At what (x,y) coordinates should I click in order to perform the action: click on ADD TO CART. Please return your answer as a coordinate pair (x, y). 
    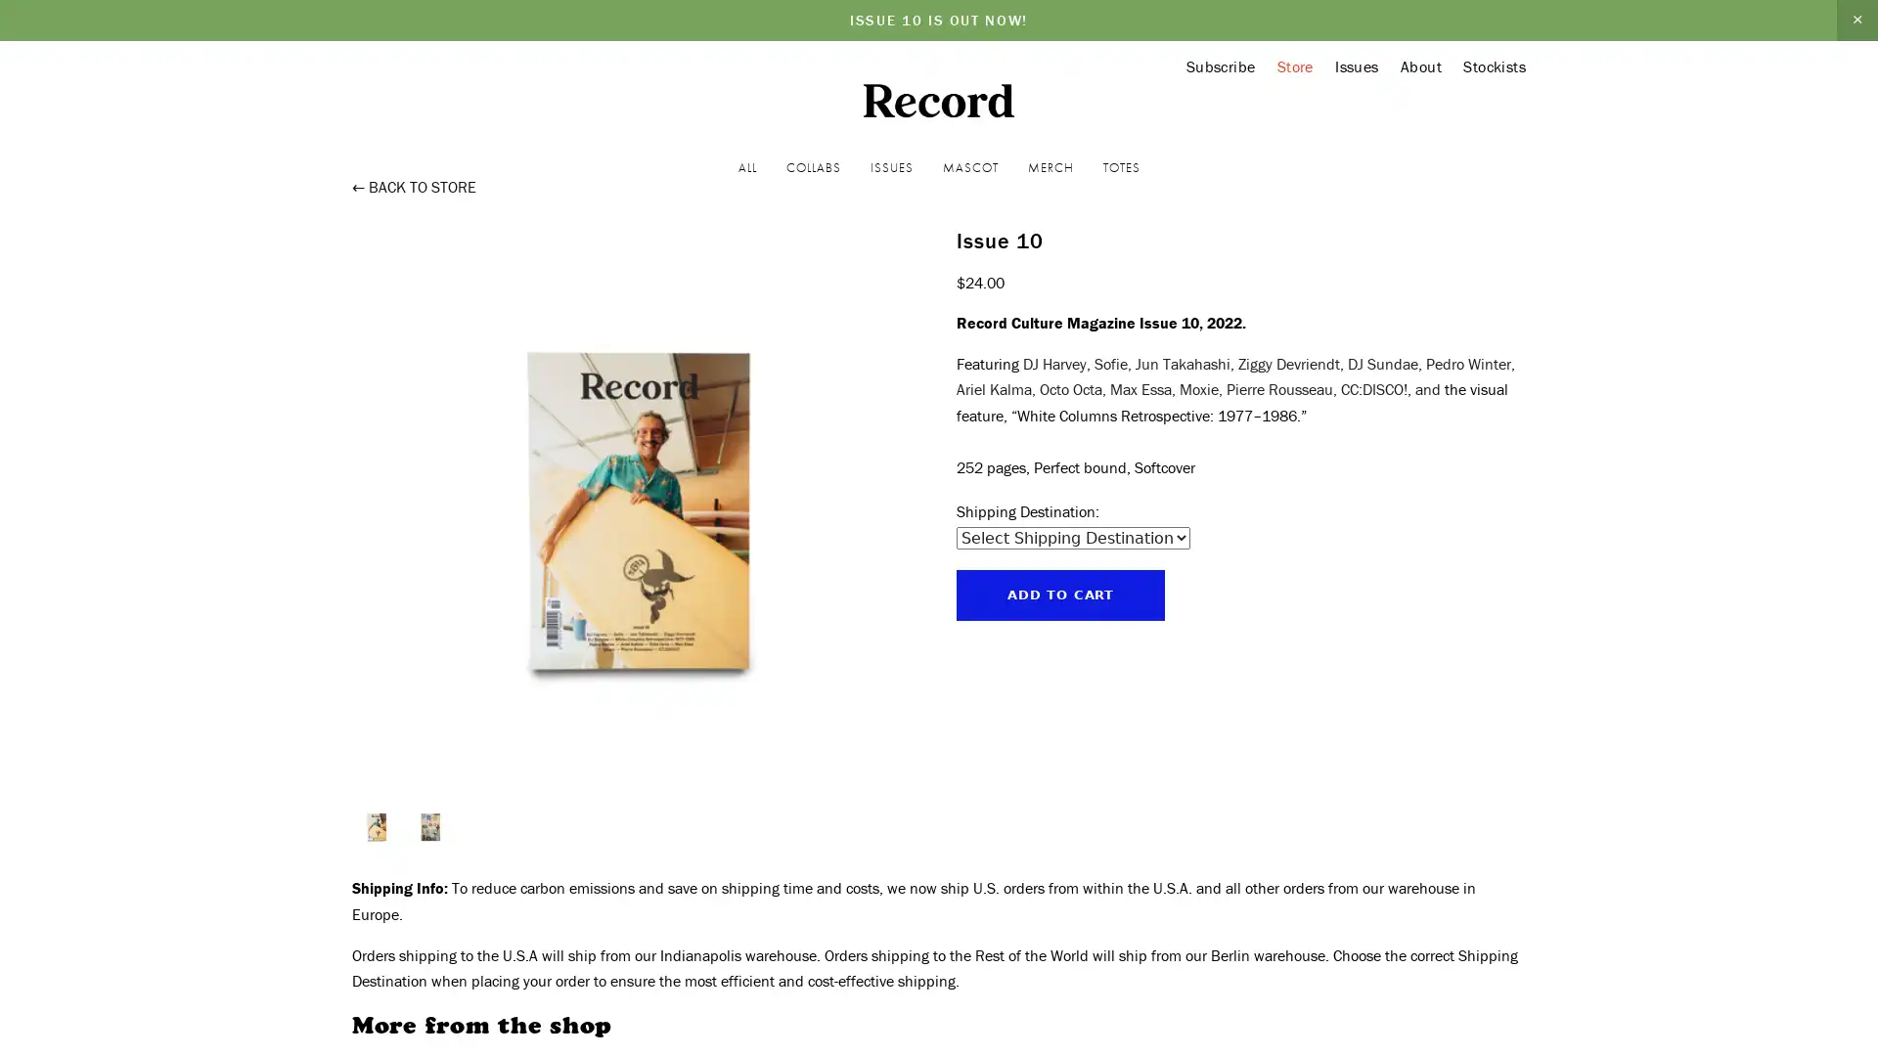
    Looking at the image, I should click on (1059, 594).